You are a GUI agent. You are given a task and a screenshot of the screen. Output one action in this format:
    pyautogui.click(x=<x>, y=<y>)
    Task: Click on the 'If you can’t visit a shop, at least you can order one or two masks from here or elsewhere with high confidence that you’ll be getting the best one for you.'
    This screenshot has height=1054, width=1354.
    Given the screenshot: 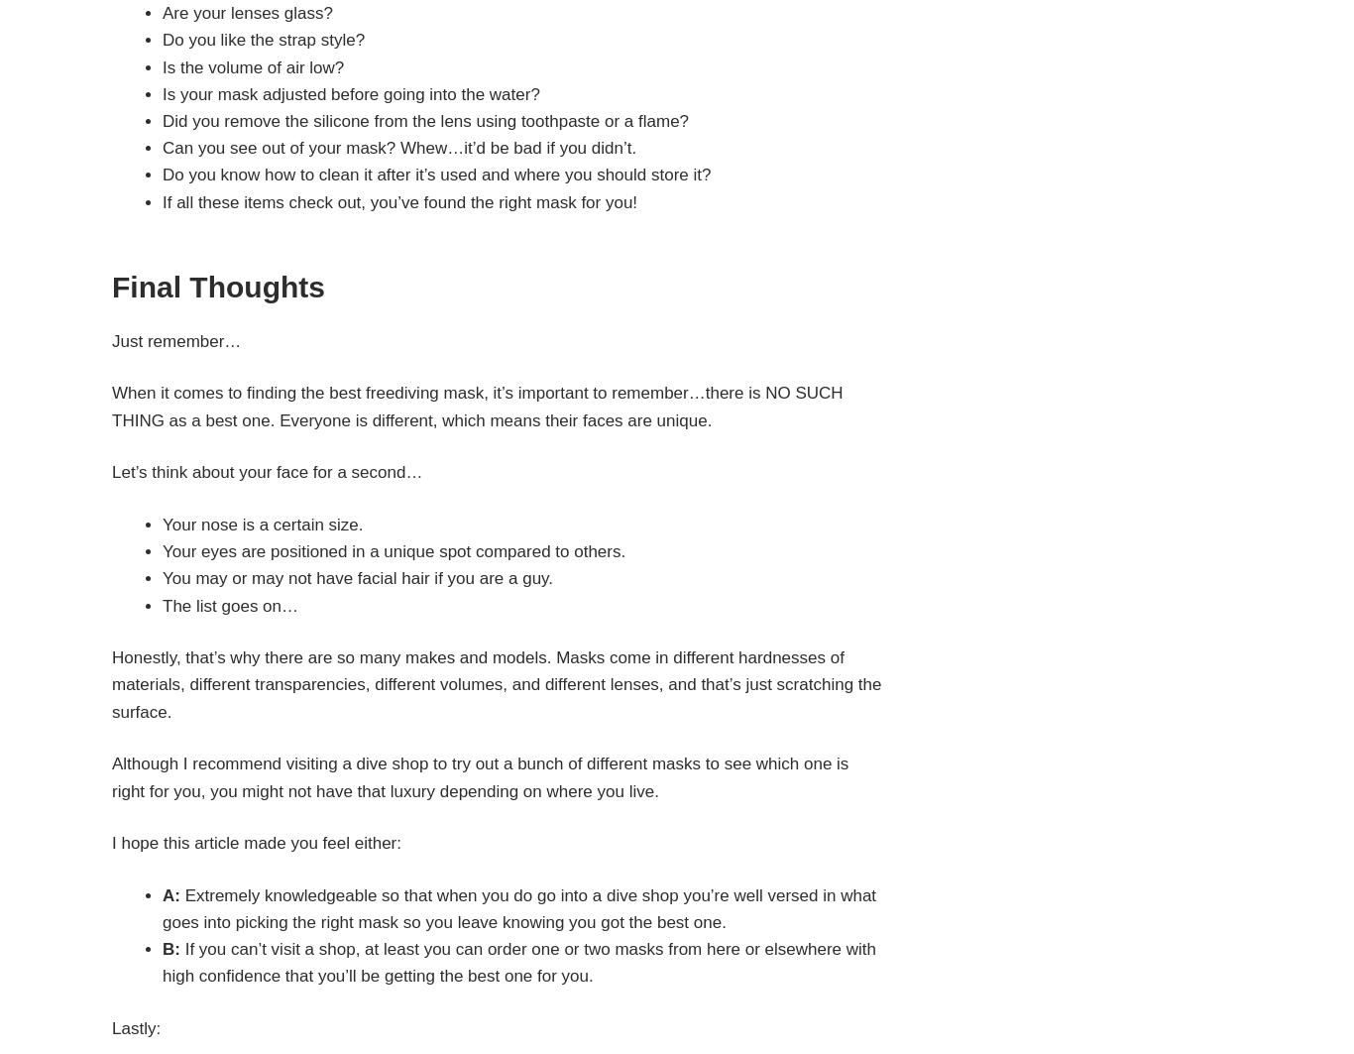 What is the action you would take?
    pyautogui.click(x=518, y=962)
    